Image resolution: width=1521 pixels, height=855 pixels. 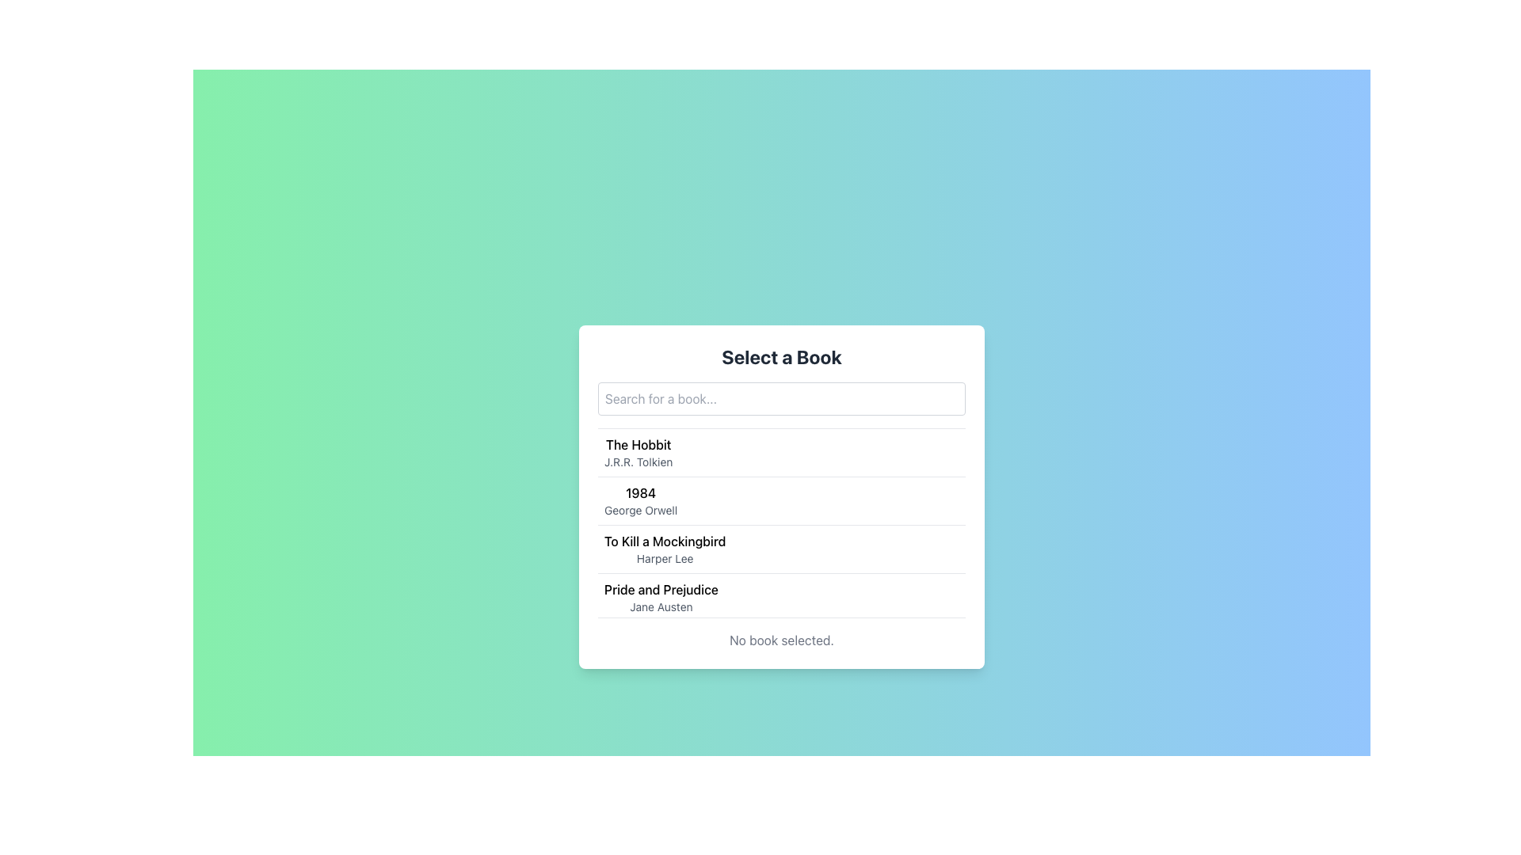 I want to click on the first list item displaying the book title and author, so click(x=639, y=452).